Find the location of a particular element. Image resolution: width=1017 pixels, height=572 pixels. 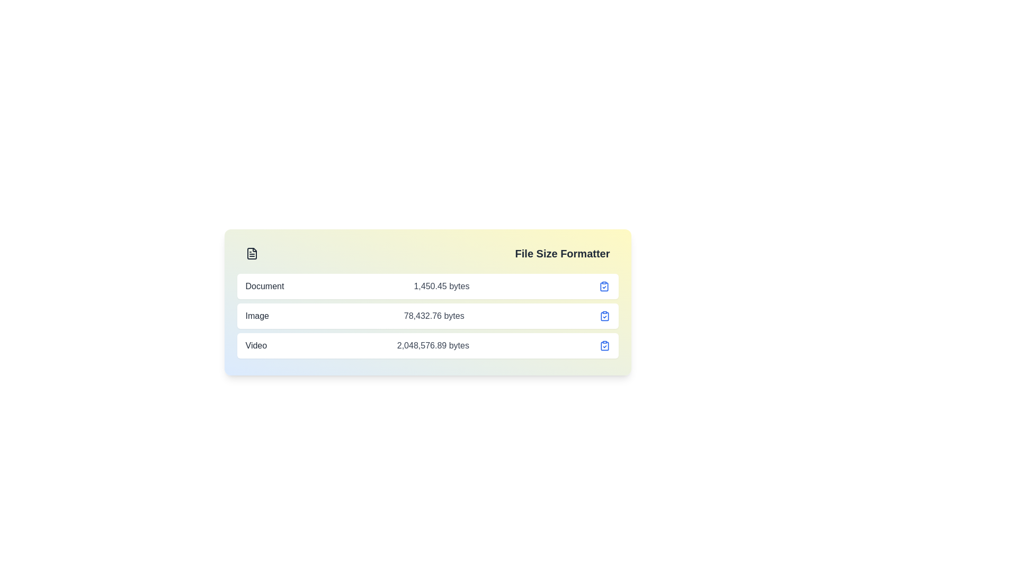

the text label that serves as the title for the 'Video' entry in the card-like component at the bottom of the list is located at coordinates (256, 345).